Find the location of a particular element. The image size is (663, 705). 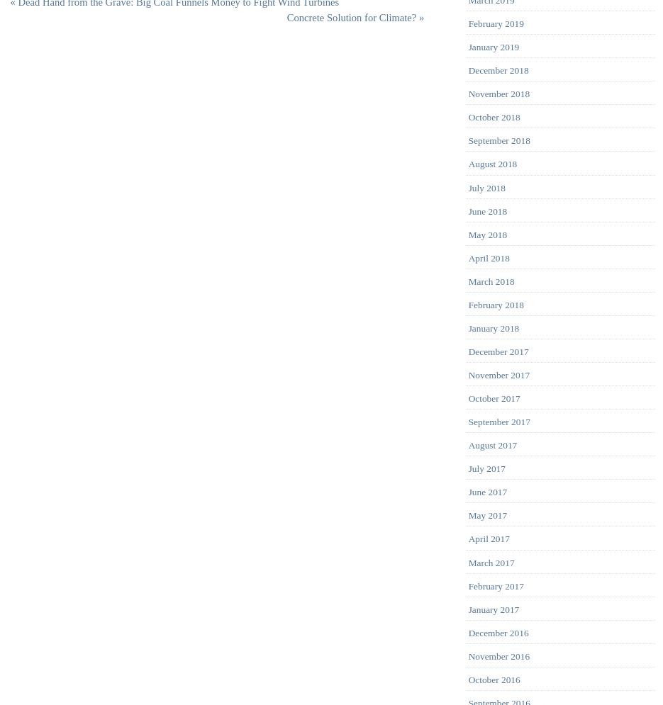

'April 2018' is located at coordinates (488, 256).